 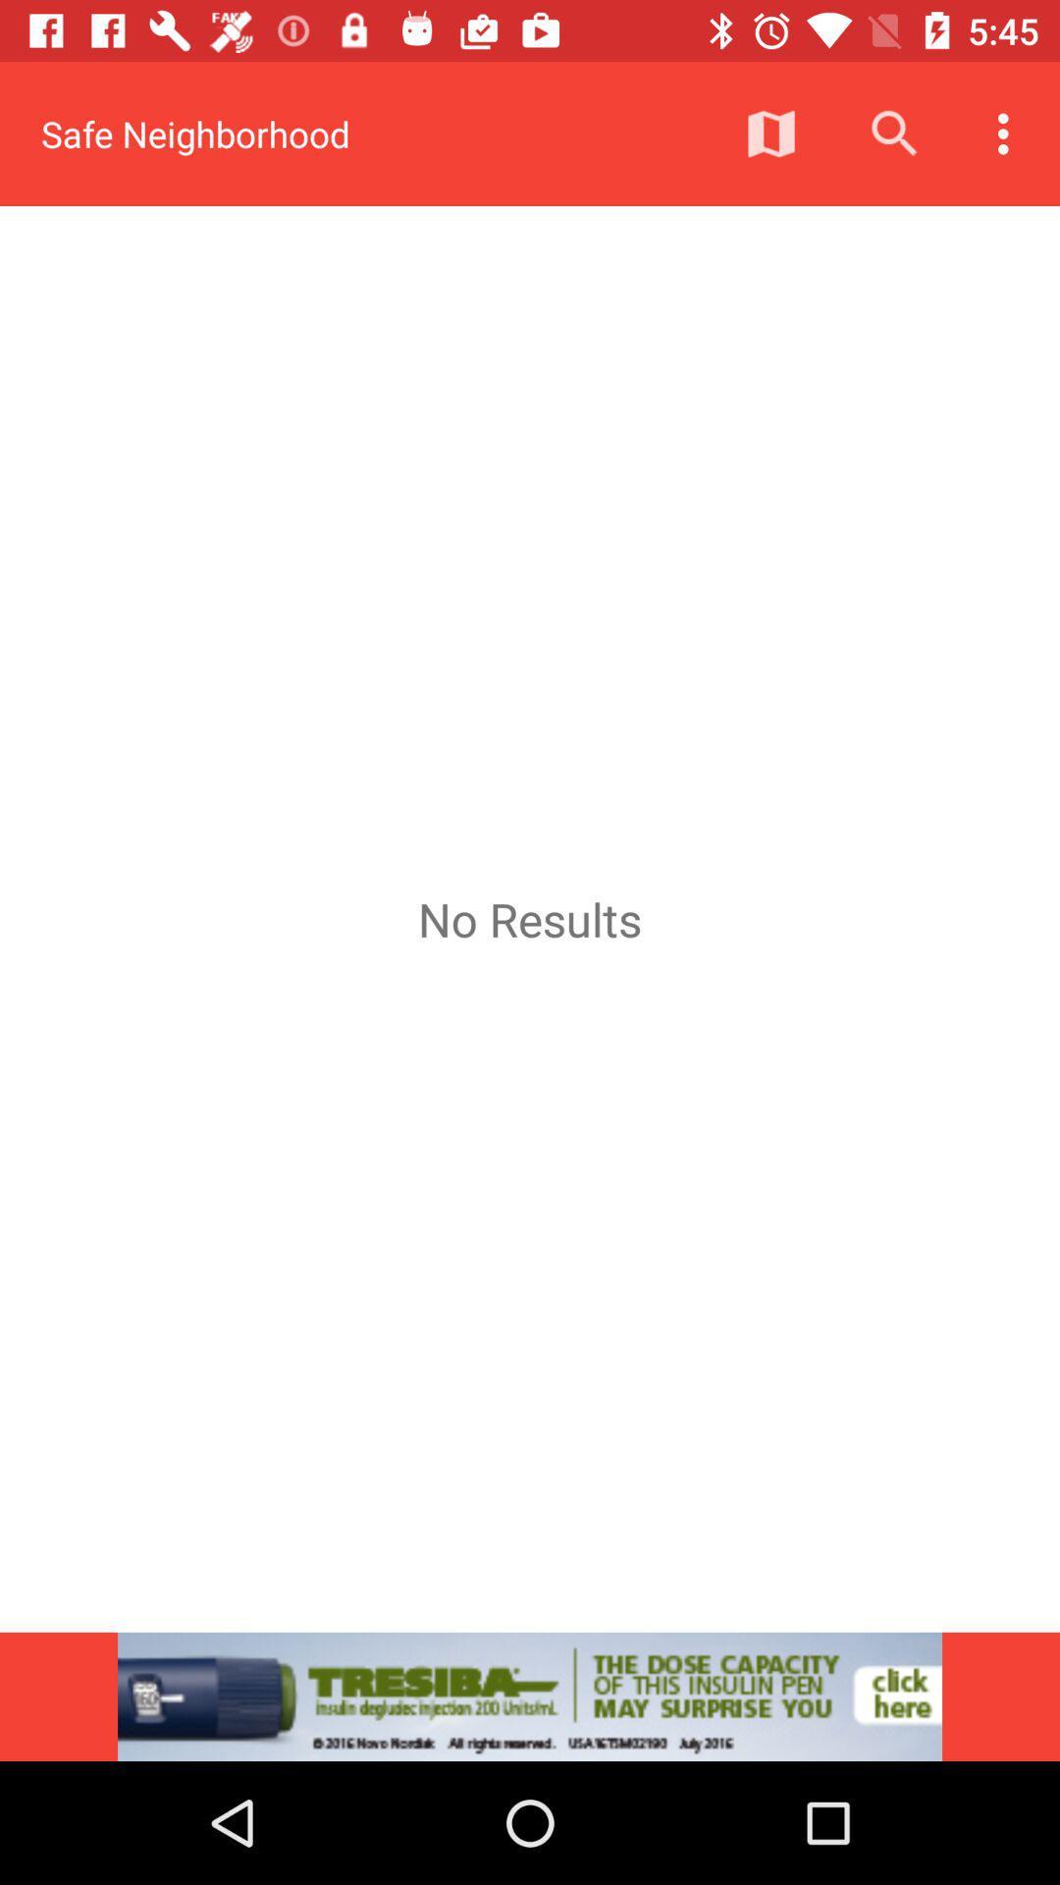 I want to click on icon above no results item, so click(x=894, y=133).